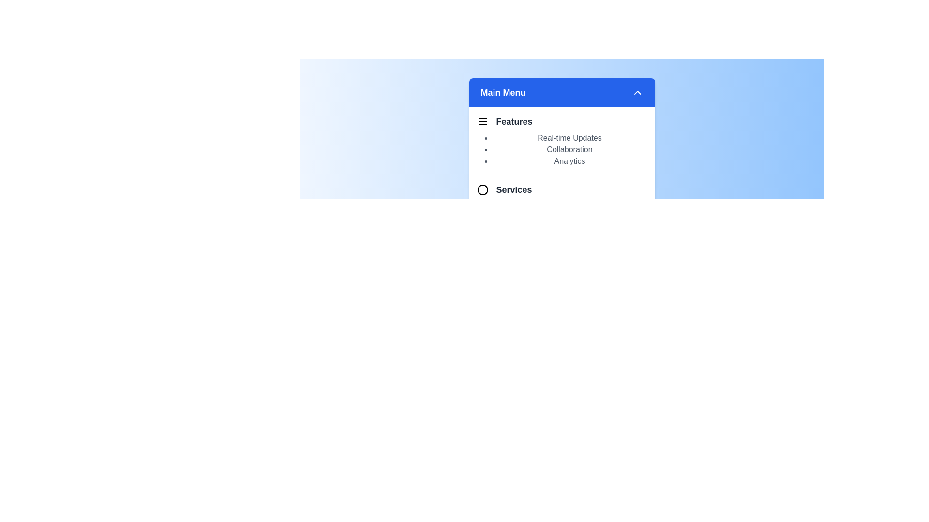  What do you see at coordinates (569, 149) in the screenshot?
I see `the item Collaboration from the list` at bounding box center [569, 149].